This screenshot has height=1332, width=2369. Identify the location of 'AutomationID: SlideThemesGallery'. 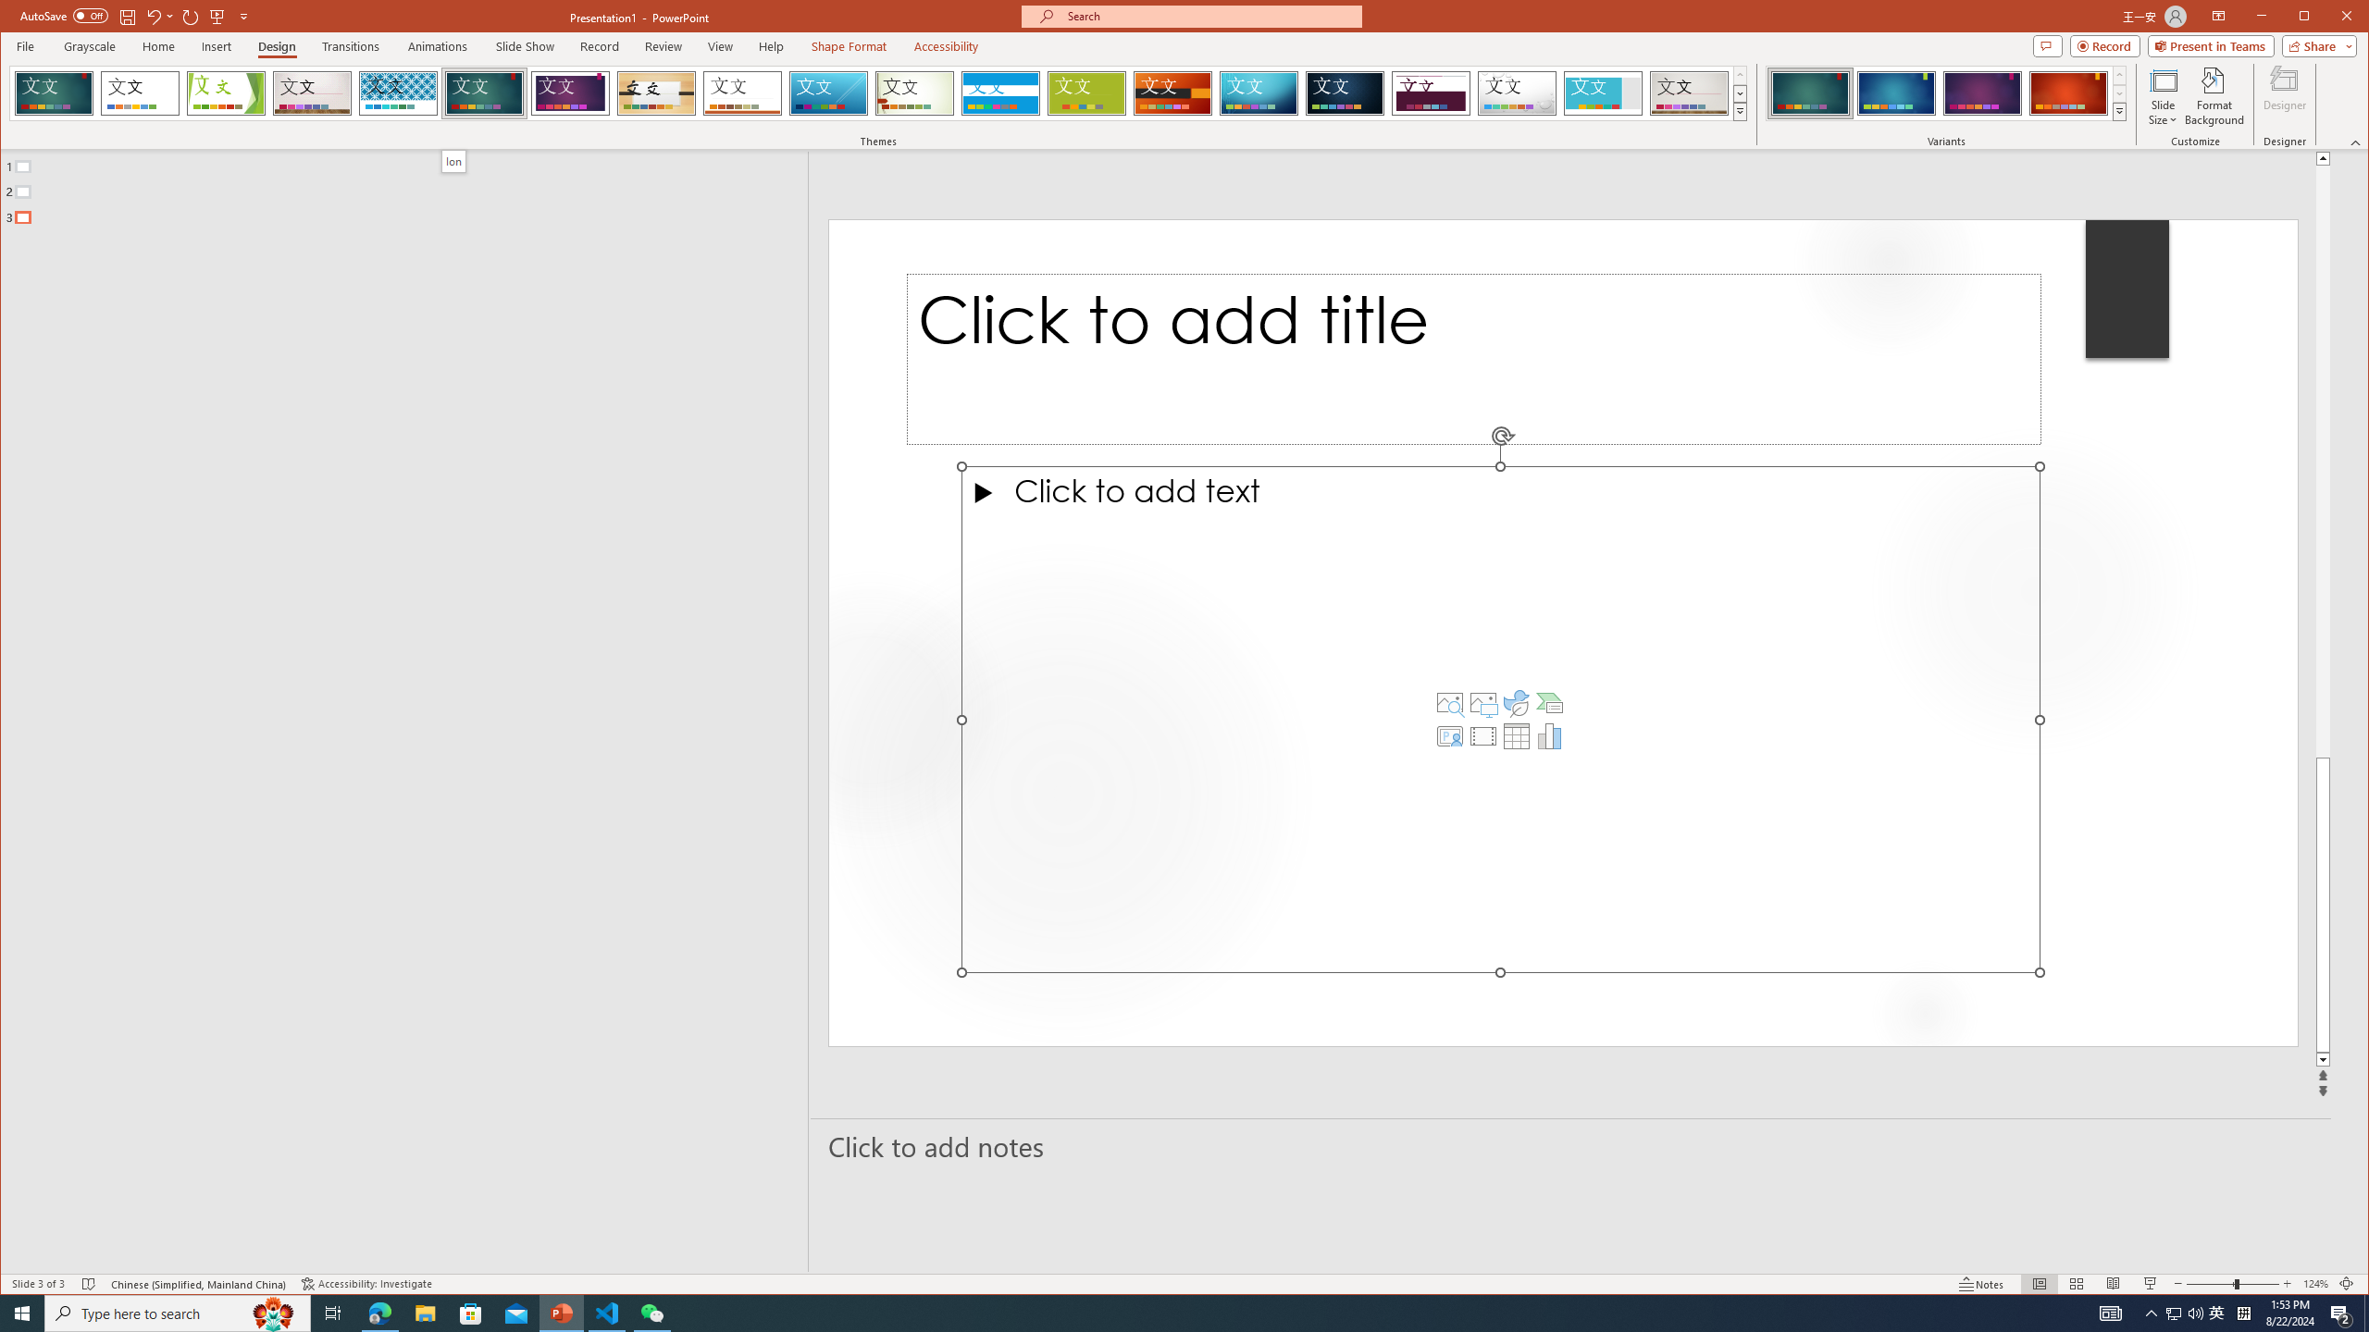
(879, 92).